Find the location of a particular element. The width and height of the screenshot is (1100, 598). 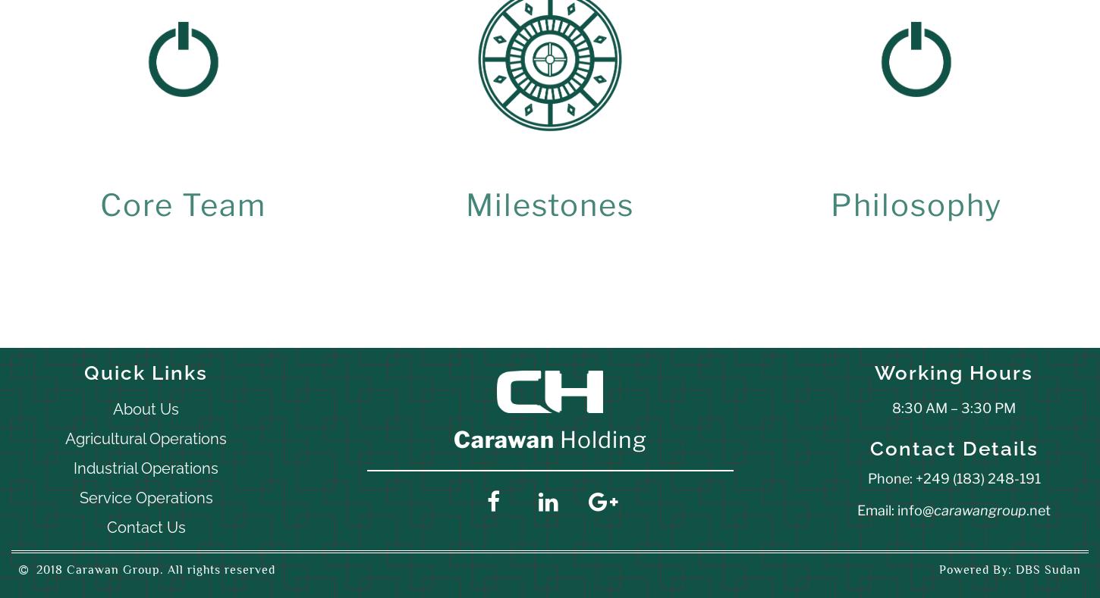

'carawangroup' is located at coordinates (979, 509).